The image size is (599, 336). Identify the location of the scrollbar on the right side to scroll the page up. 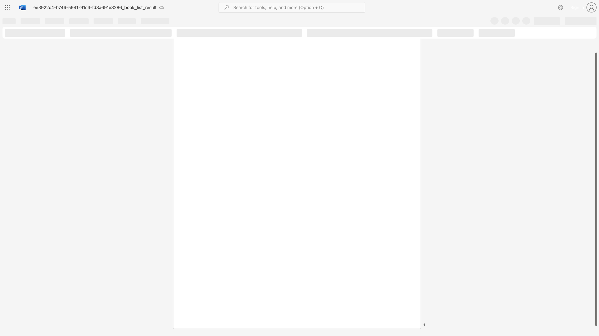
(596, 37).